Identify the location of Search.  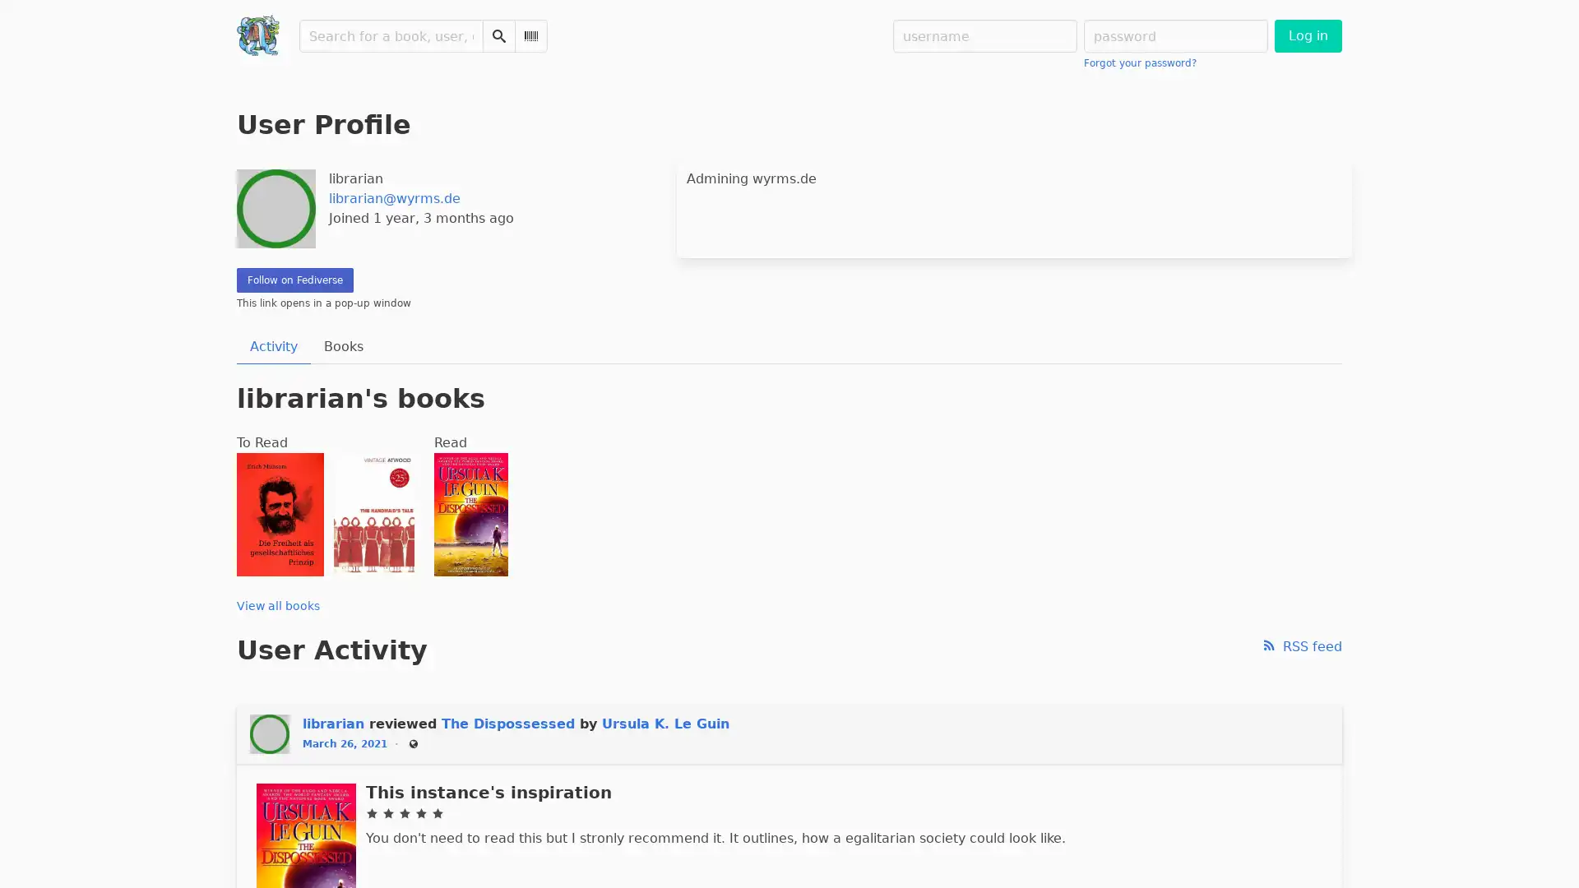
(498, 35).